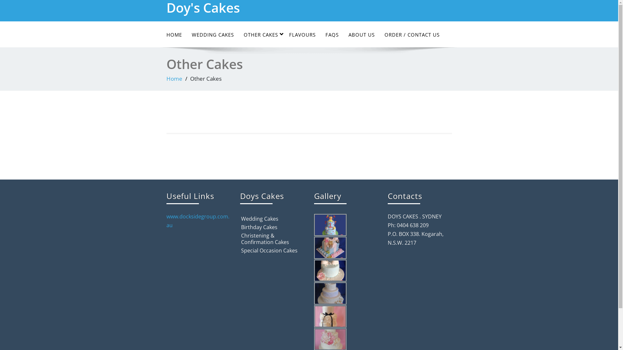 This screenshot has width=623, height=350. Describe the element at coordinates (321, 35) in the screenshot. I see `'FAQS'` at that location.